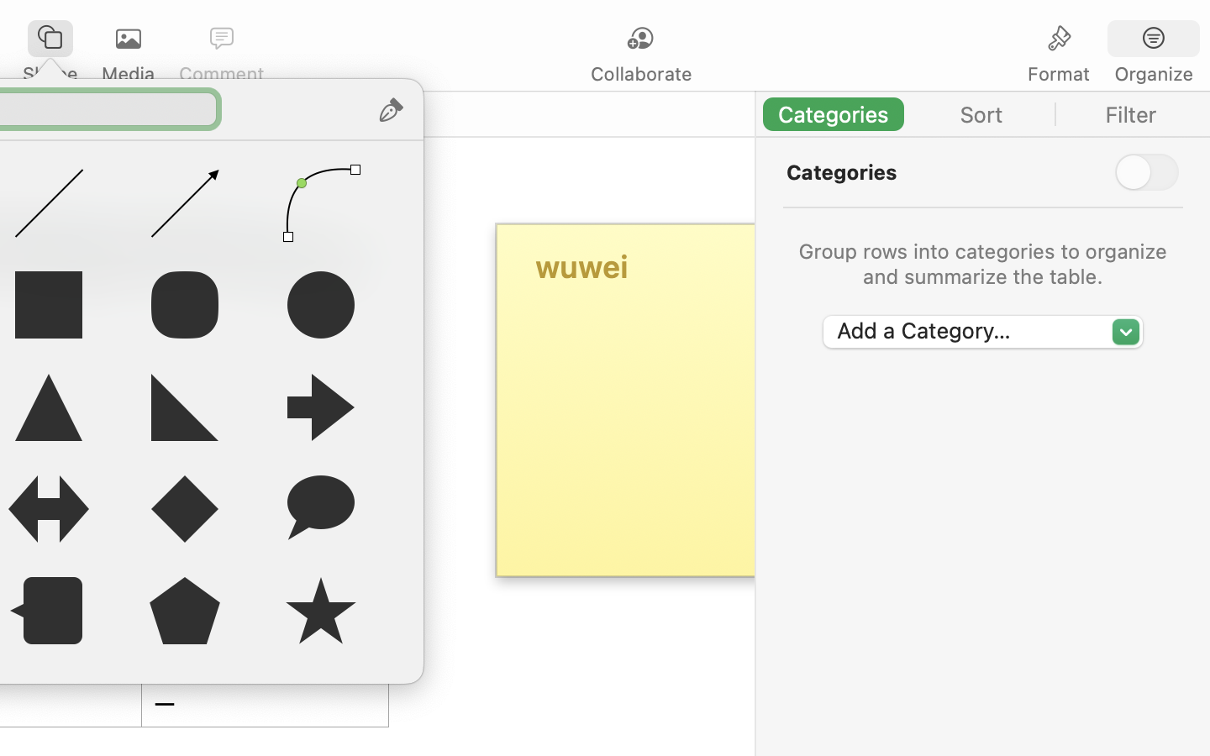 The width and height of the screenshot is (1210, 756). Describe the element at coordinates (1152, 73) in the screenshot. I see `'Organize'` at that location.